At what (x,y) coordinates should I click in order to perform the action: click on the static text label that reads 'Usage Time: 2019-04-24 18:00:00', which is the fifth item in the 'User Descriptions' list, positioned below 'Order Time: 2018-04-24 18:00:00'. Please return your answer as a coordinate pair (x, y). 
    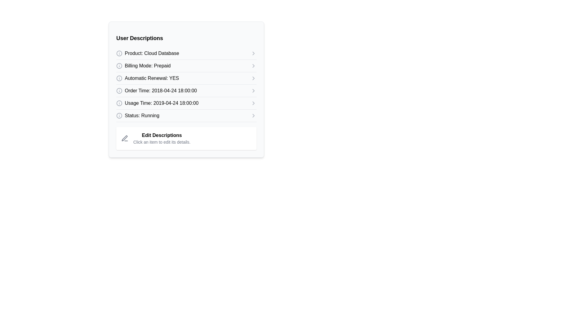
    Looking at the image, I should click on (162, 103).